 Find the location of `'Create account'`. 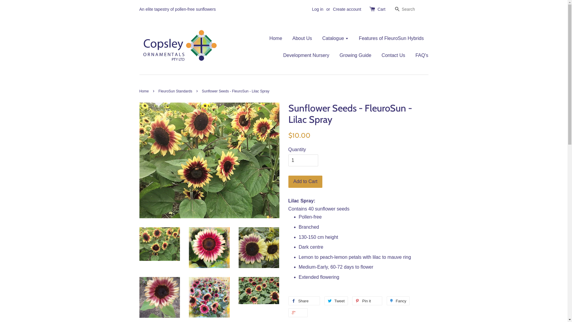

'Create account' is located at coordinates (347, 9).